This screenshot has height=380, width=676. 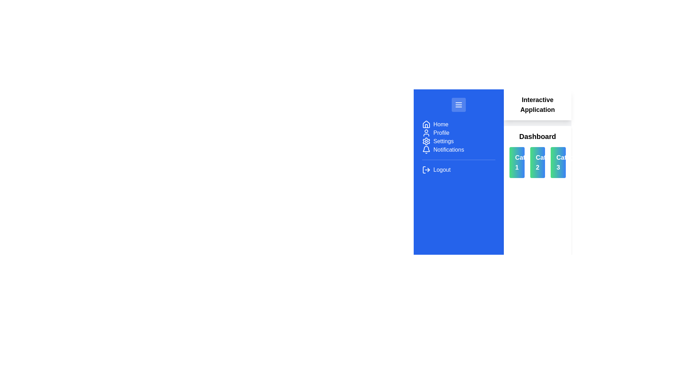 What do you see at coordinates (441, 133) in the screenshot?
I see `the 'Profile' text label in the vertical navigation menu located in the blue sidebar, positioned to the right of the user avatar icon` at bounding box center [441, 133].